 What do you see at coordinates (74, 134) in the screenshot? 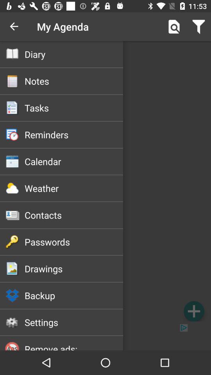
I see `reminders icon` at bounding box center [74, 134].